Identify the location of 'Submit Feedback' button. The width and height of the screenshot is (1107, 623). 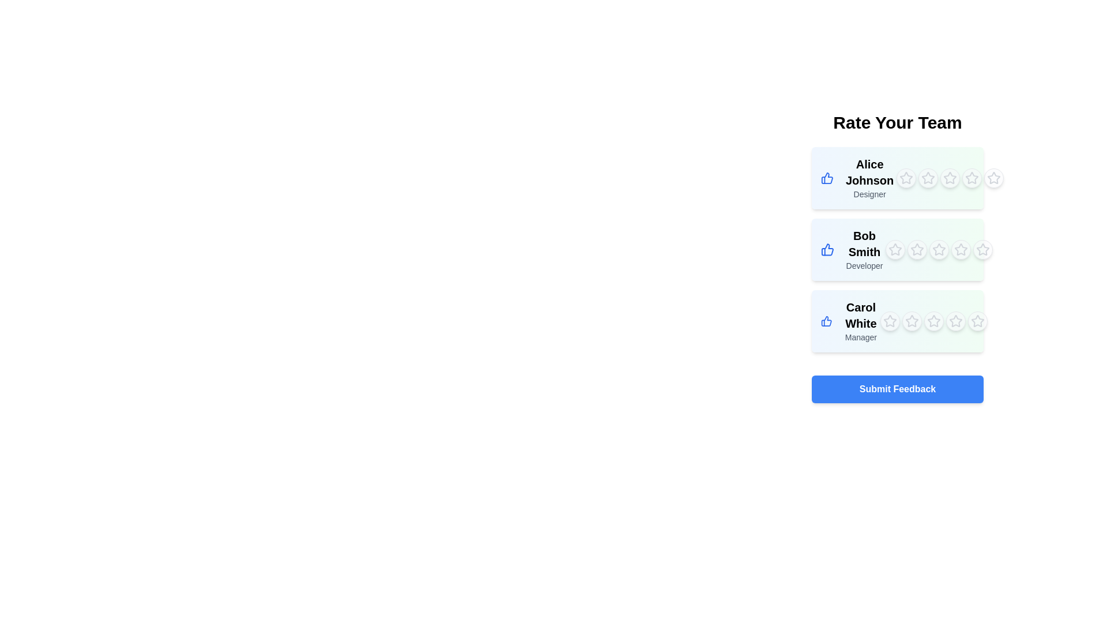
(897, 389).